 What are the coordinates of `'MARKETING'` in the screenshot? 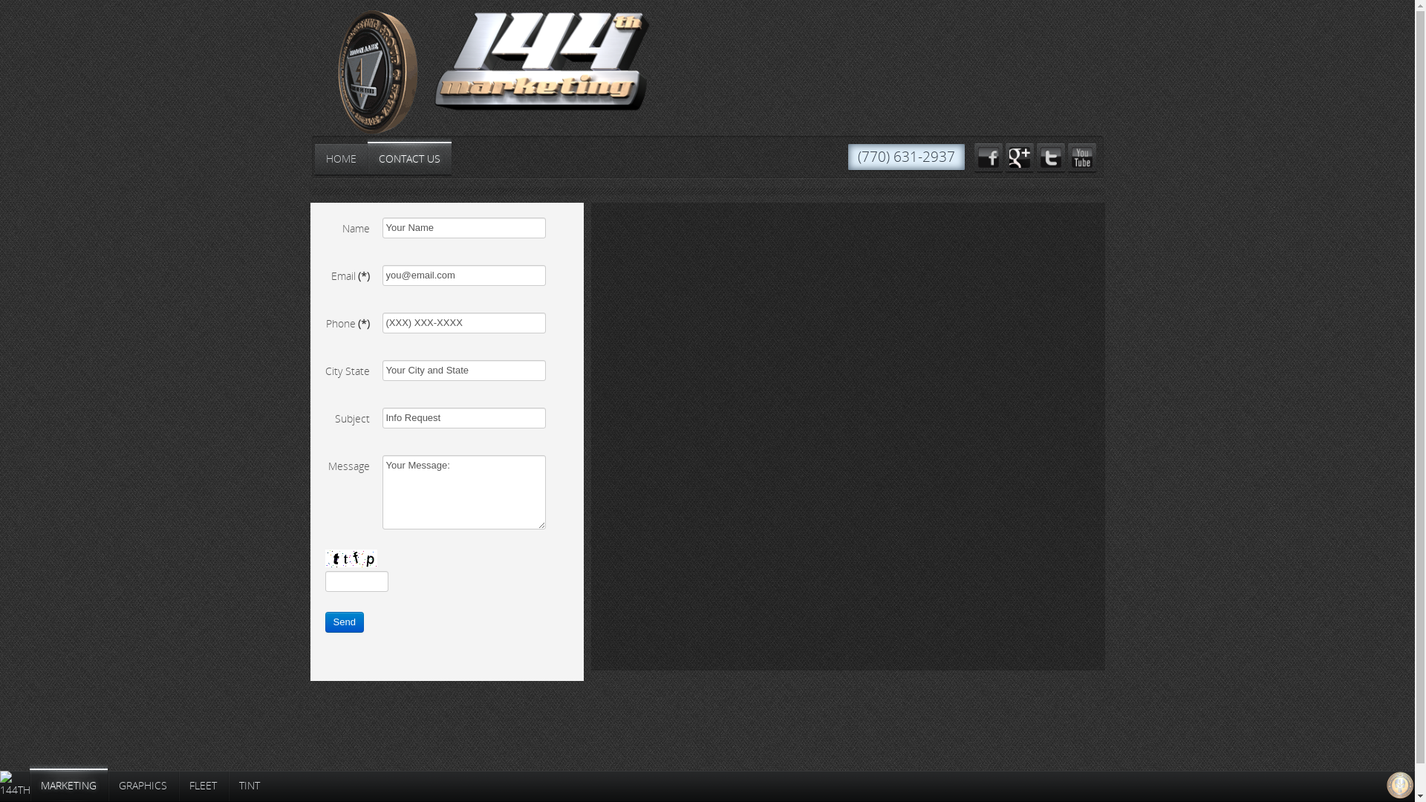 It's located at (68, 785).